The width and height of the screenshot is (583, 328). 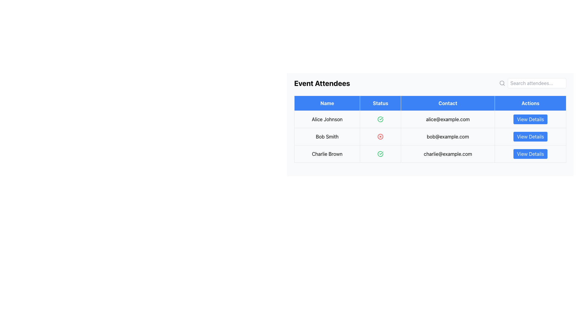 What do you see at coordinates (530, 119) in the screenshot?
I see `the 'View Details' button located in the 'Actions' column of the table for the contact 'alice@example.com' to visualize the hover effect` at bounding box center [530, 119].